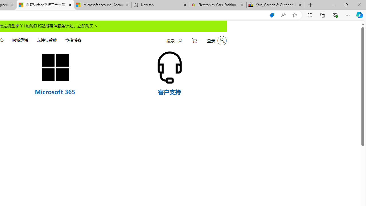 Image resolution: width=366 pixels, height=206 pixels. I want to click on 'Settings and more (Alt+F)', so click(347, 15).